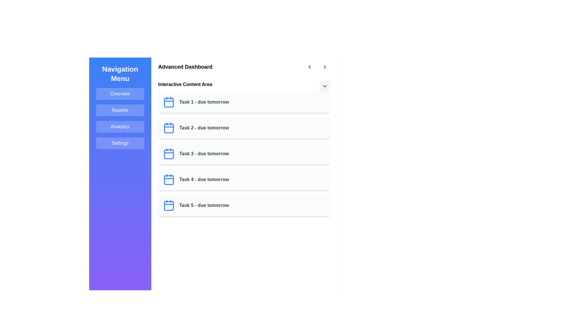 The width and height of the screenshot is (563, 317). I want to click on the calendar icon located to the left of the text 'Task 5 - due tomorrow' in the fifth card of the vertical list on the right-side panel, so click(168, 205).